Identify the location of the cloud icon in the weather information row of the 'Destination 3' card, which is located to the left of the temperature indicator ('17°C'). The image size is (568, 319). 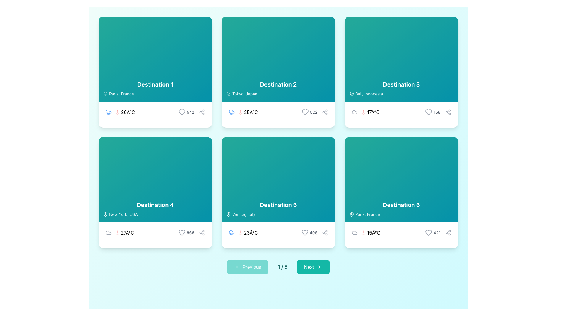
(355, 112).